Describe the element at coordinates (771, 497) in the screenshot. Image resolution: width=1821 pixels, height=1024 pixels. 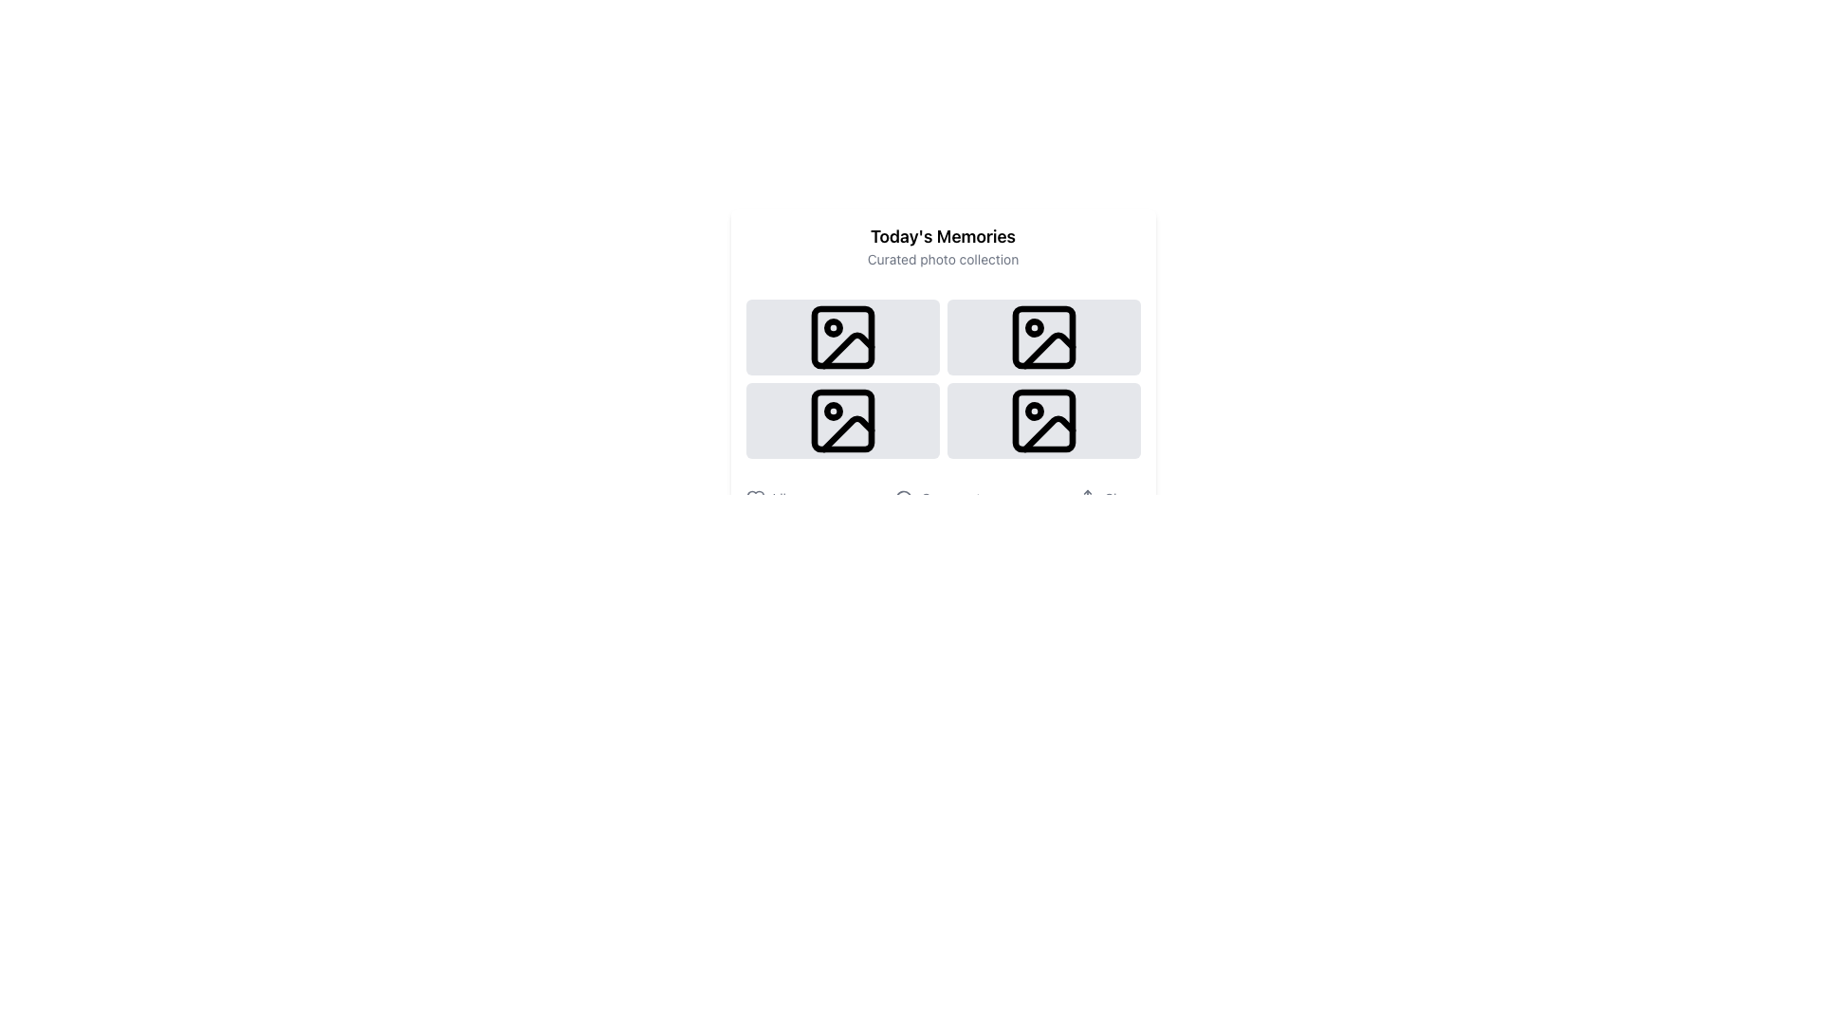
I see `the 'Like' button located under the 'Today's Memories' section` at that location.